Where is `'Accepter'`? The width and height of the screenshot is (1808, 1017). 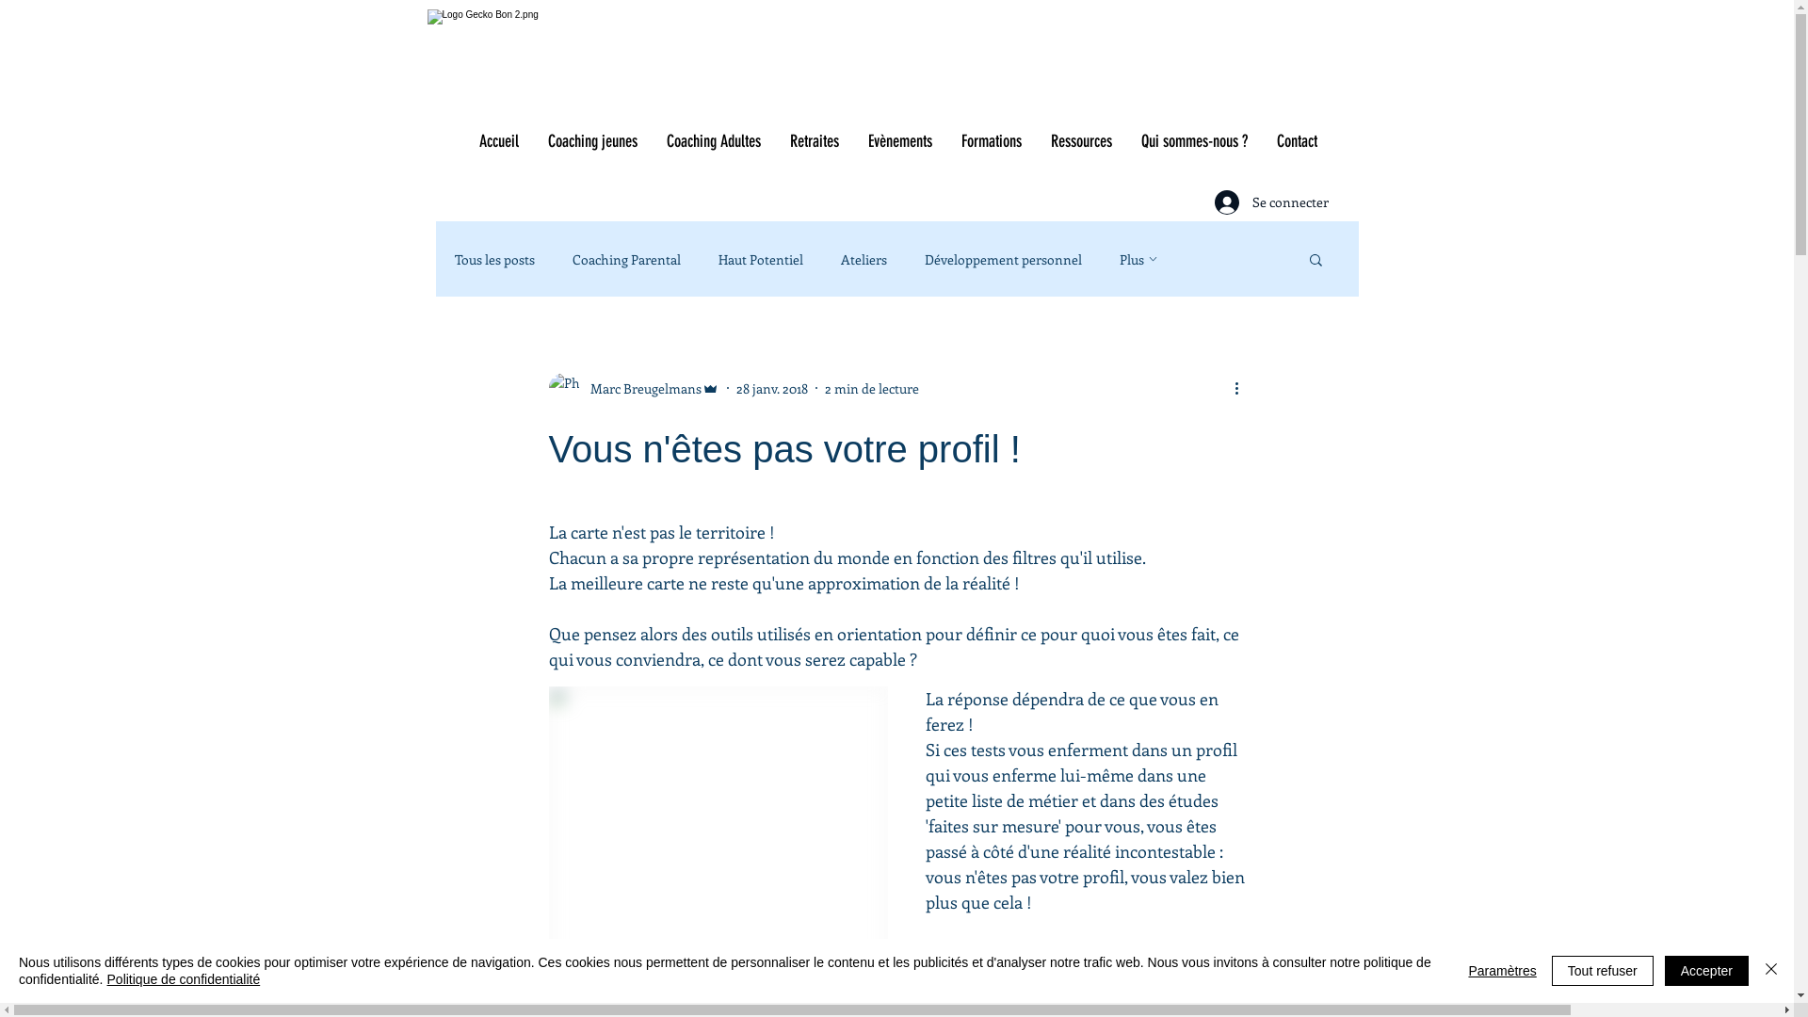
'Accepter' is located at coordinates (1706, 970).